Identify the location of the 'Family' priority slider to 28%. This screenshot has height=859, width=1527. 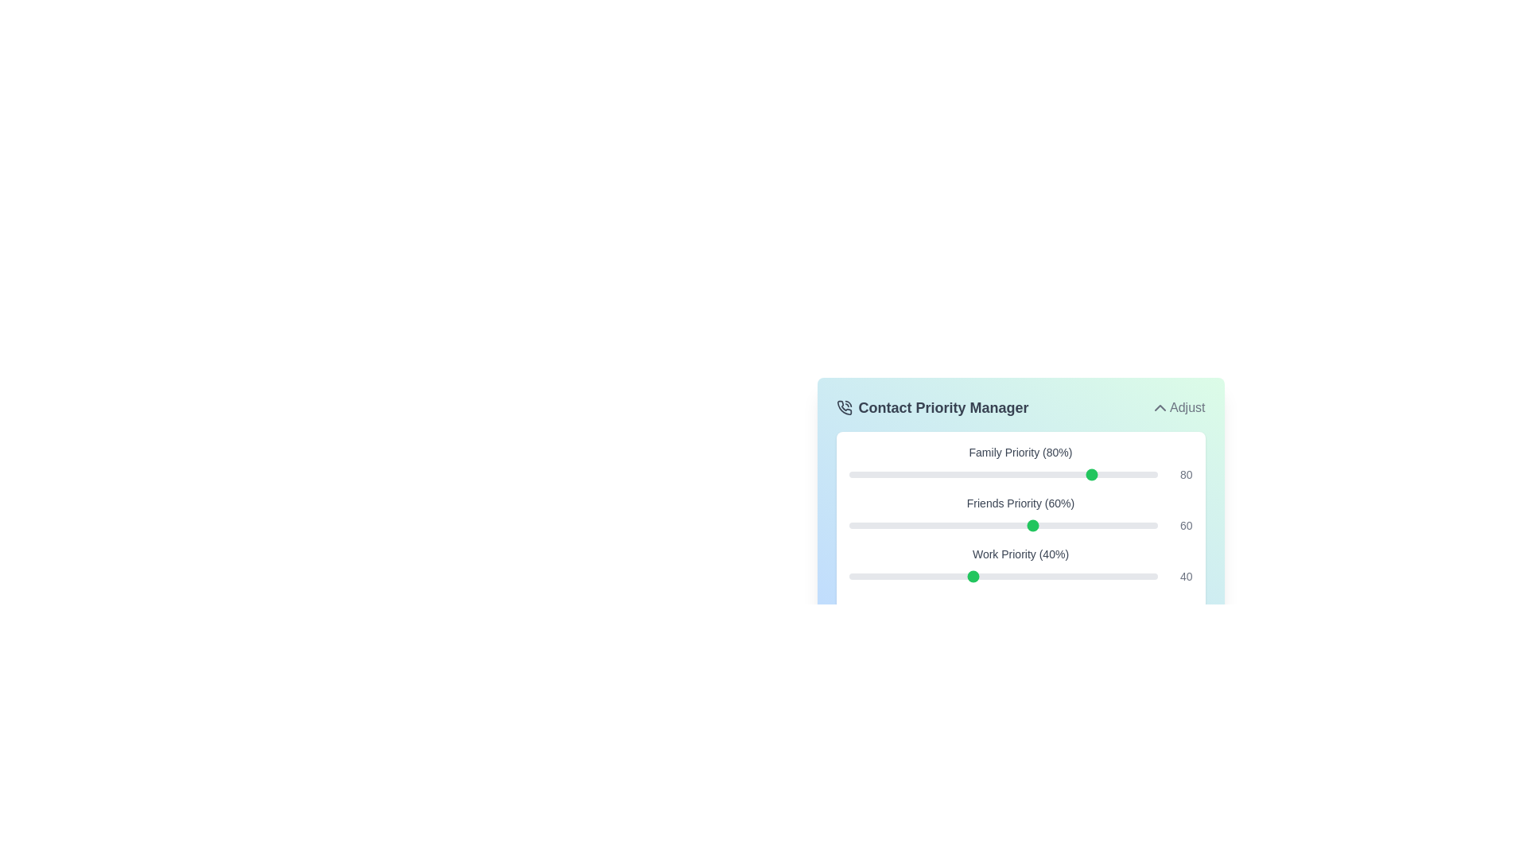
(935, 474).